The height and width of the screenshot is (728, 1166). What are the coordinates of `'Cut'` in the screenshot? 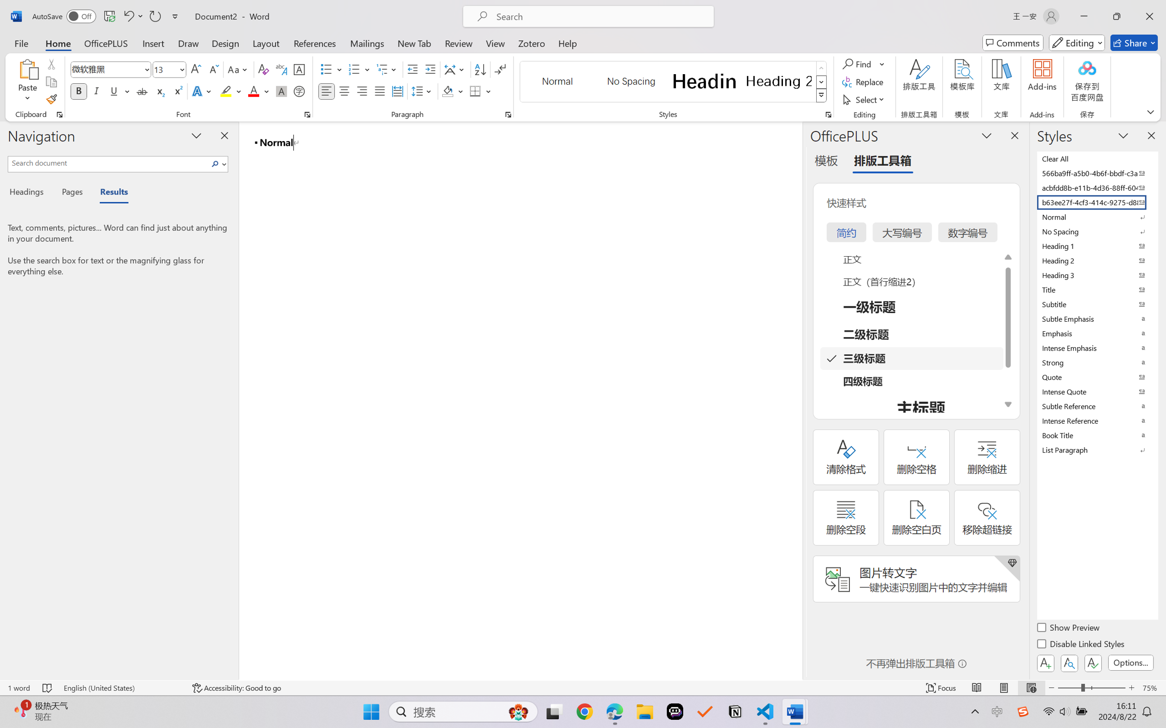 It's located at (51, 63).